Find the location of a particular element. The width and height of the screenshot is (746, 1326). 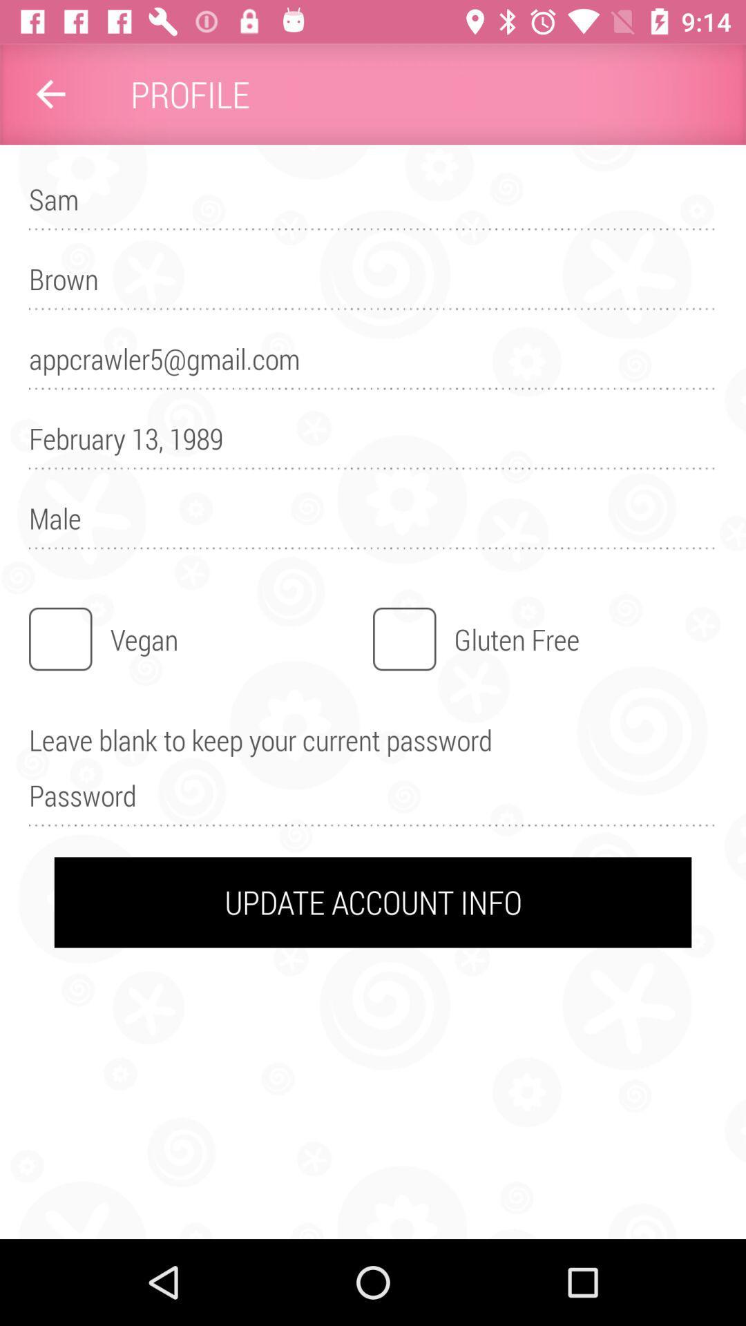

february 13, 1989 item is located at coordinates (373, 445).